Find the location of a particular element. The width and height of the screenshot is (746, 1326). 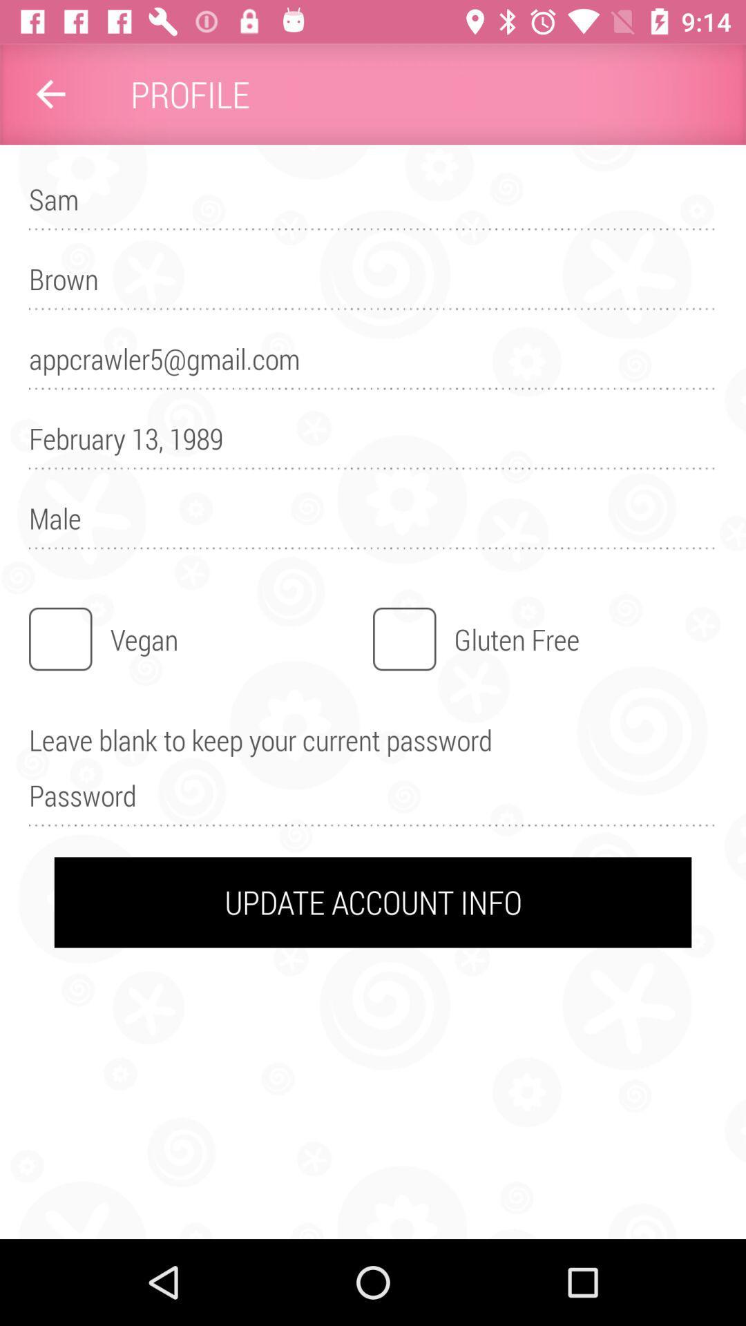

february 13, 1989 item is located at coordinates (373, 445).